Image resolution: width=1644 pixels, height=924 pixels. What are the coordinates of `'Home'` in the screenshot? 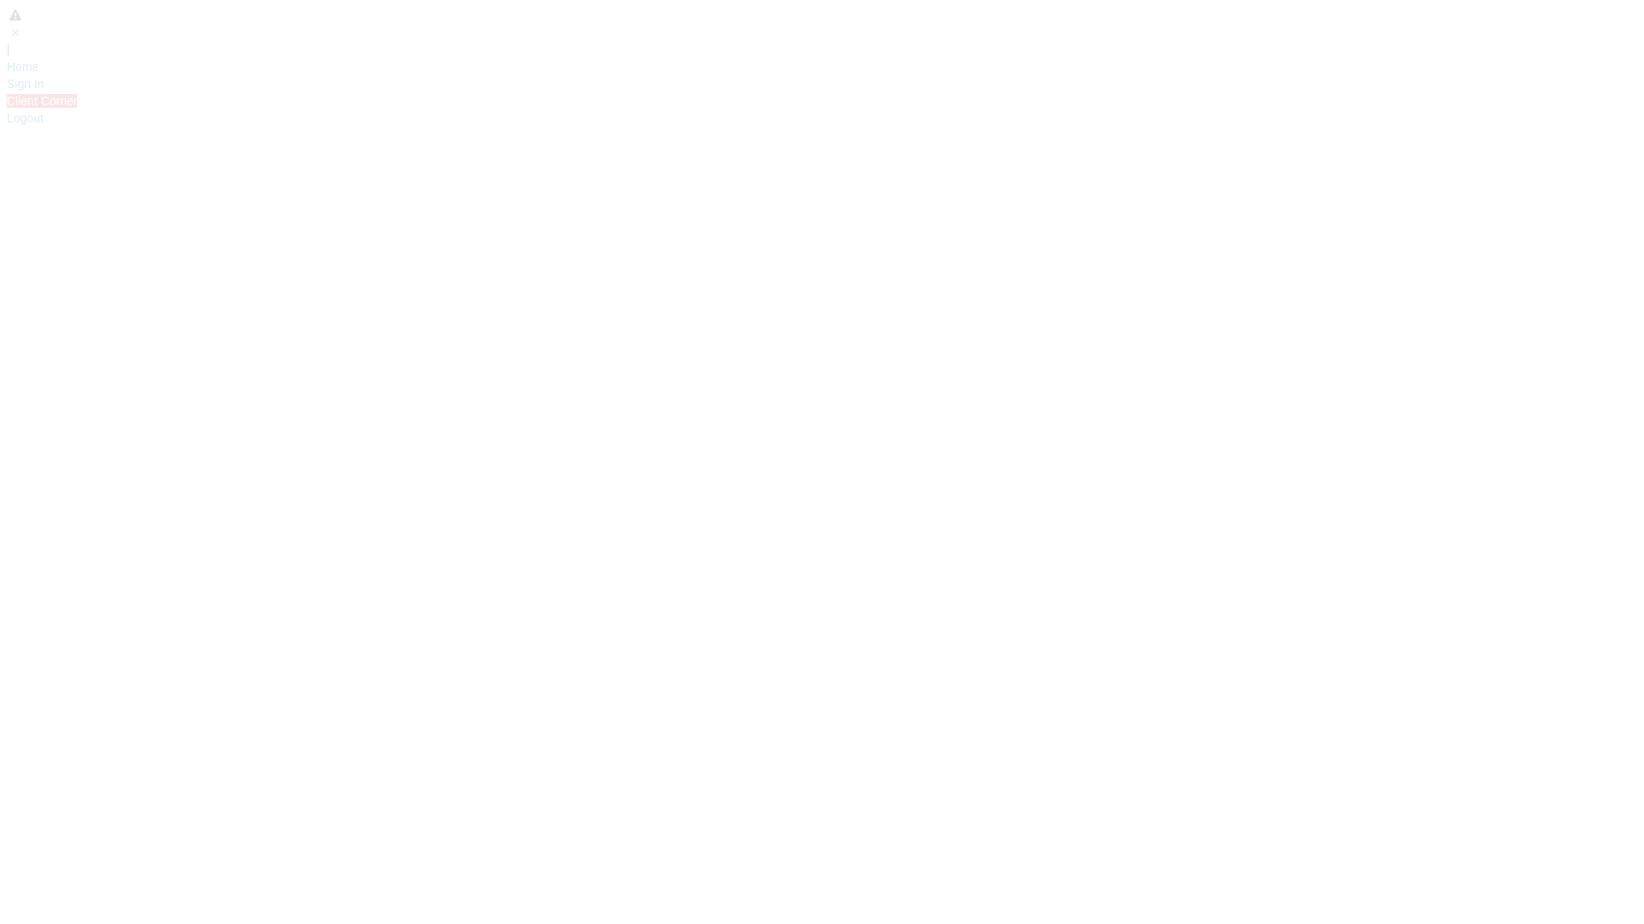 It's located at (22, 65).